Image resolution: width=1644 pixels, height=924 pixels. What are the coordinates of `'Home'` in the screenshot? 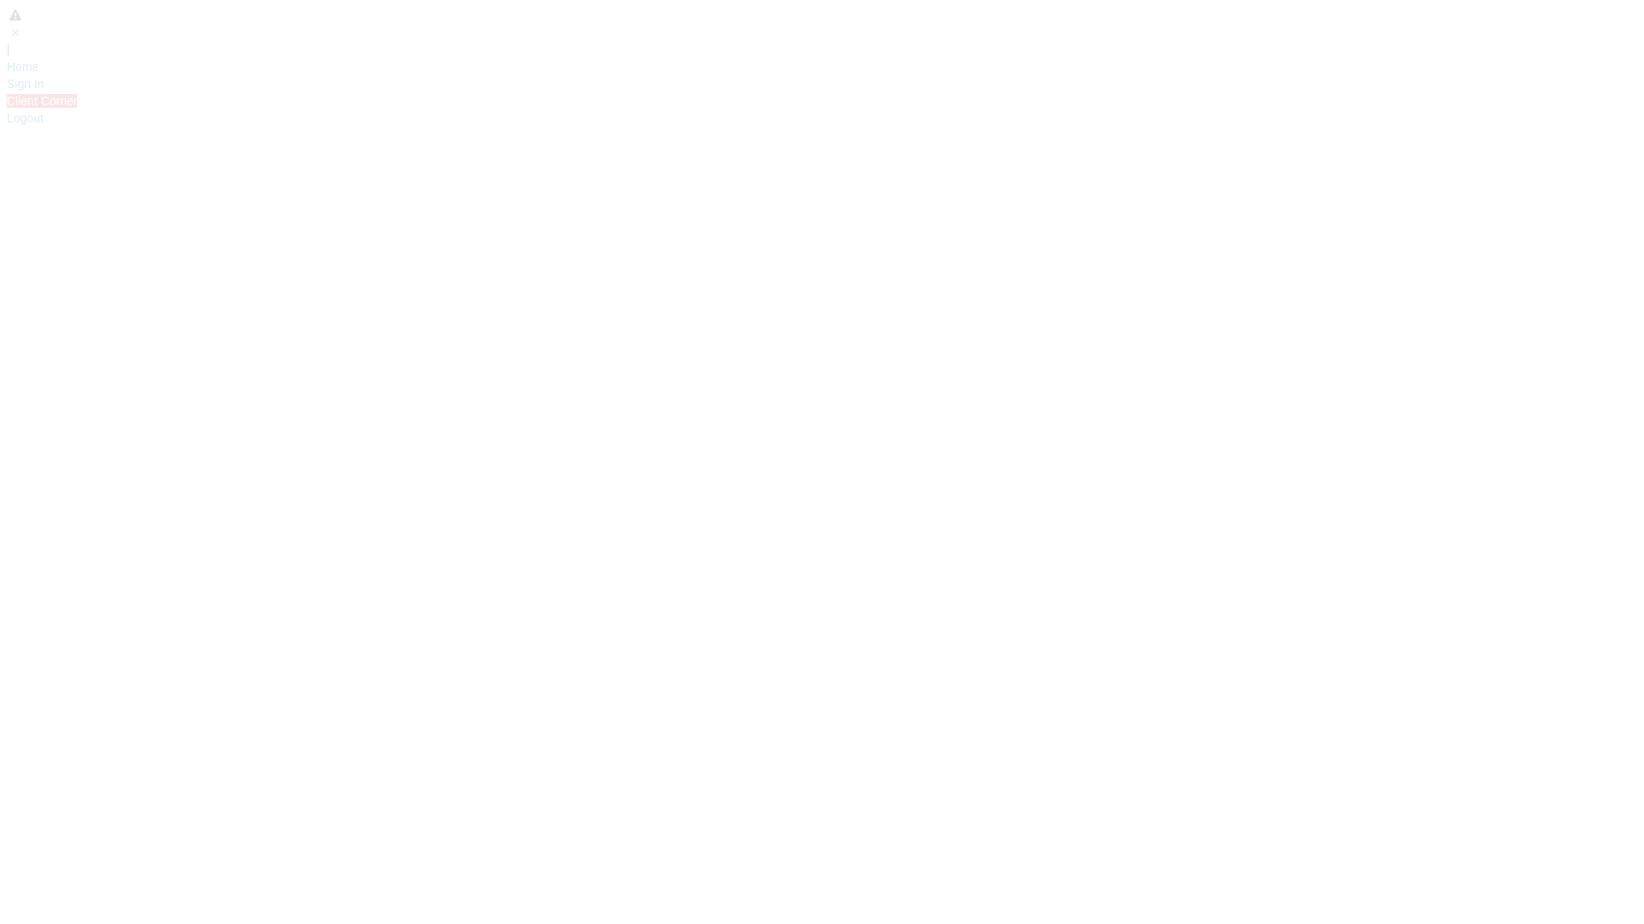 It's located at (22, 65).